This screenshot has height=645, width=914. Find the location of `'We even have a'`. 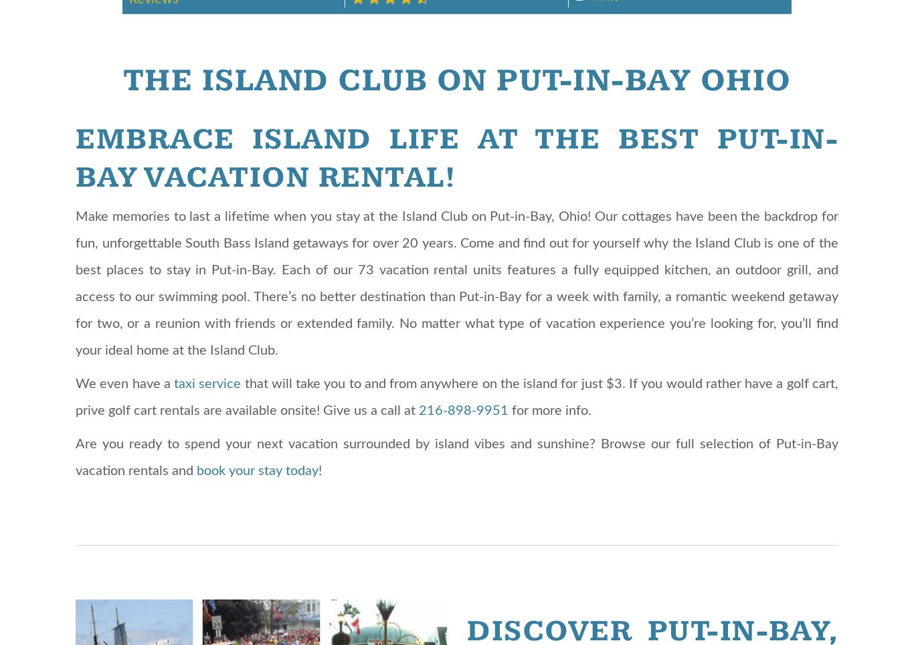

'We even have a' is located at coordinates (124, 383).